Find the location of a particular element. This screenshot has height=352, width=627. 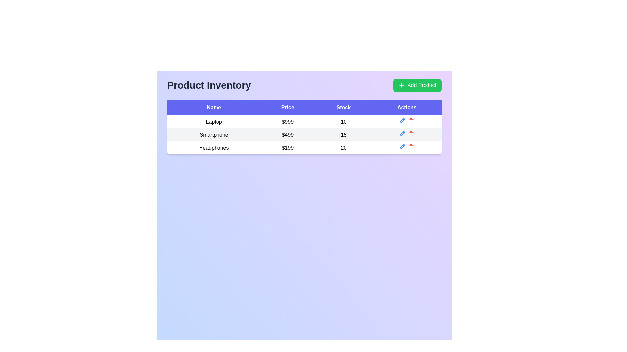

the first row is located at coordinates (304, 122).